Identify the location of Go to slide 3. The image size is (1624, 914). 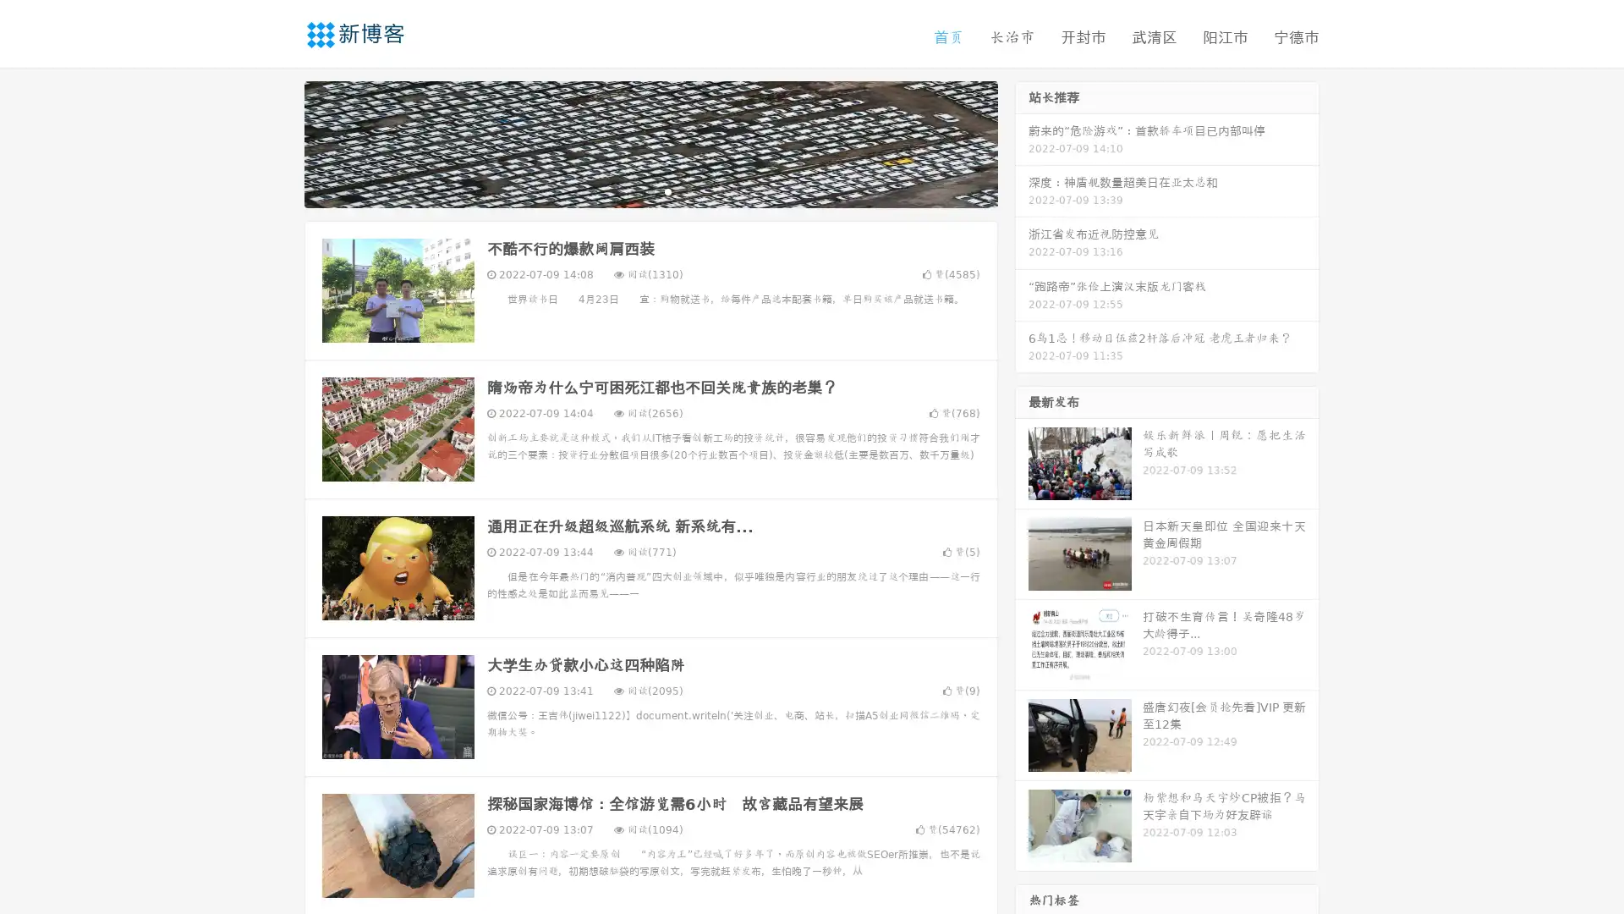
(667, 190).